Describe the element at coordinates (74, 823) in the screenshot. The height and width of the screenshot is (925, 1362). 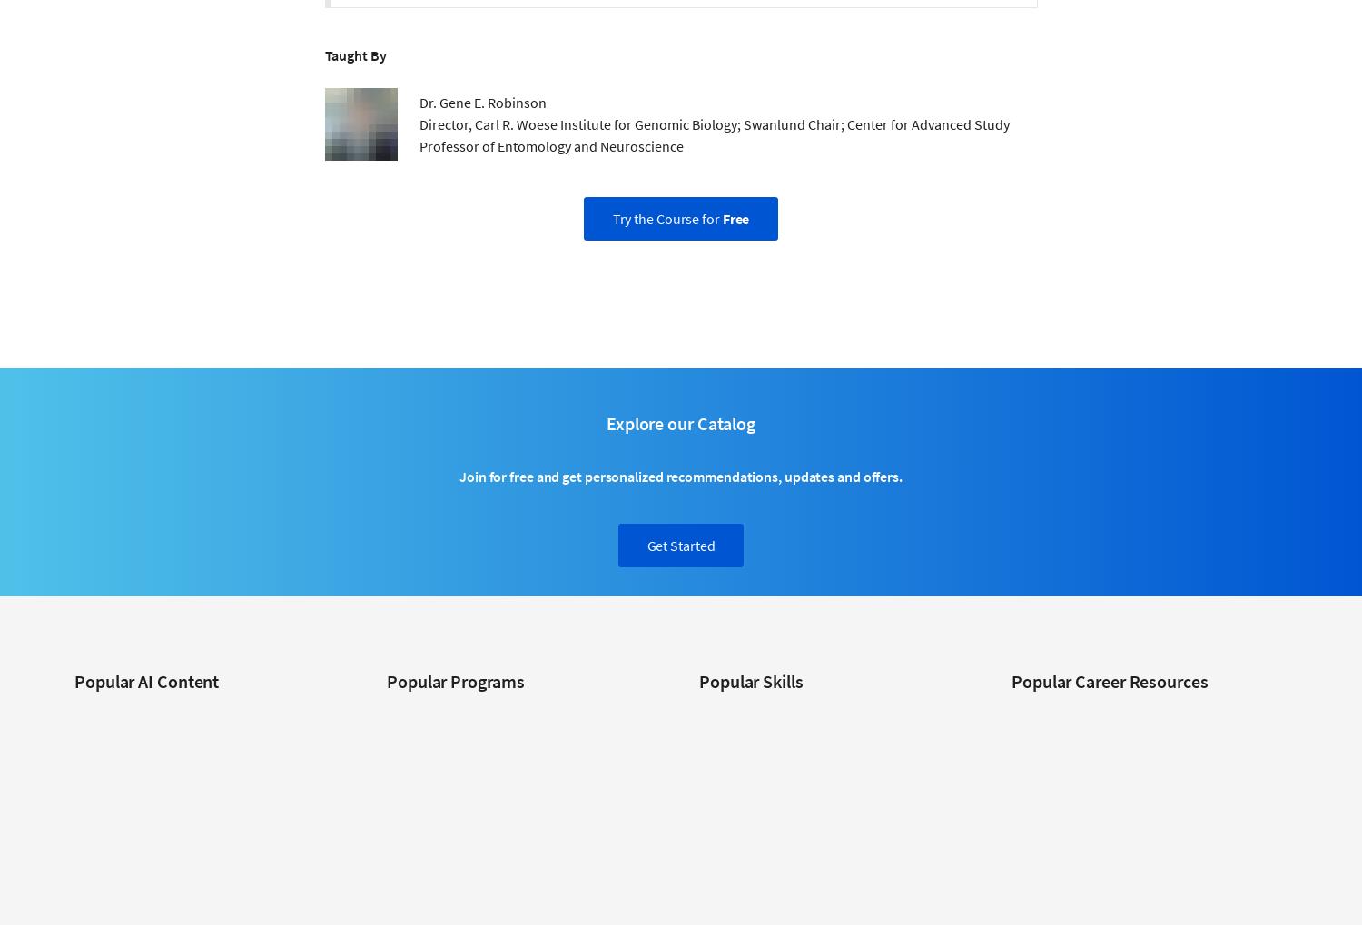
I see `'Generative AI for Everyone'` at that location.